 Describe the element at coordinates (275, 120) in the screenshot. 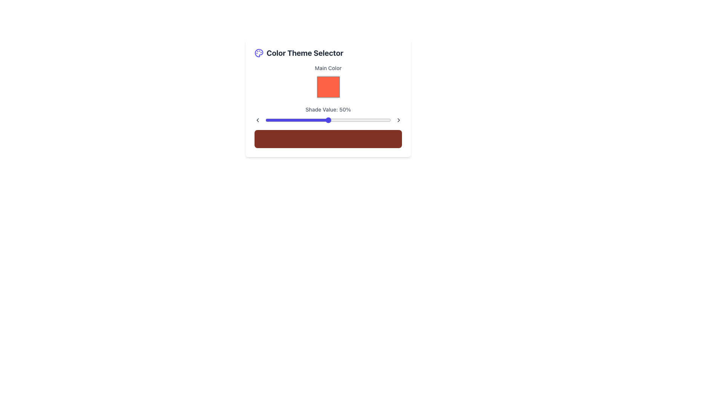

I see `the shade value` at that location.